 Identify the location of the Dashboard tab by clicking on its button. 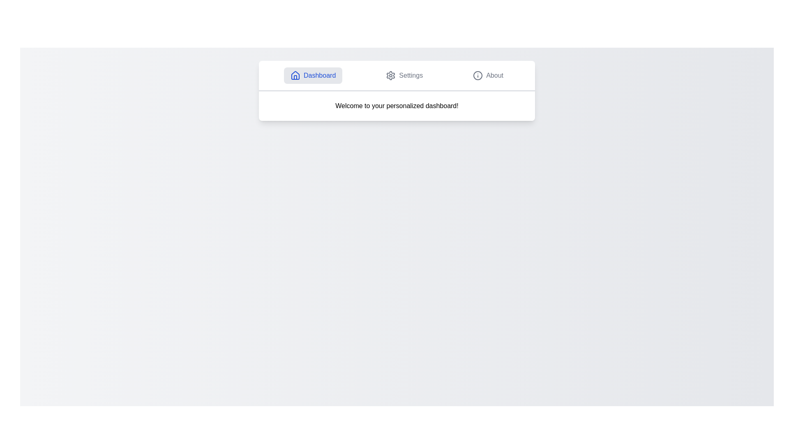
(313, 76).